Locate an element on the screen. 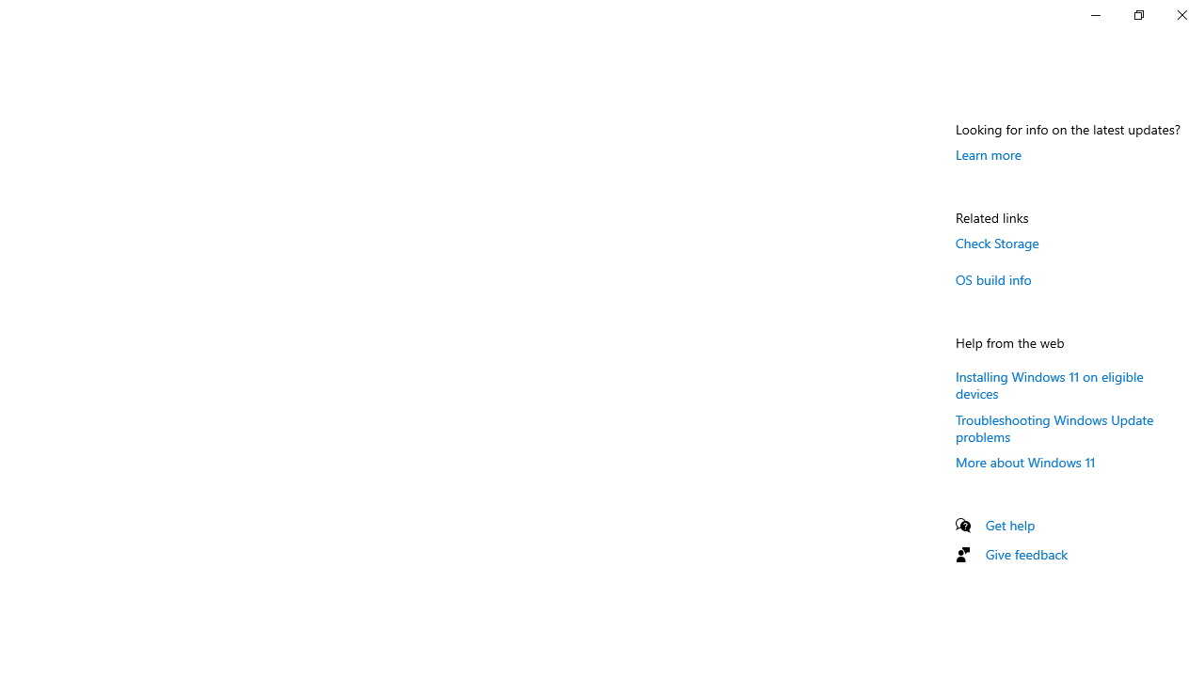  'Installing Windows 11 on eligible devices' is located at coordinates (1049, 383).